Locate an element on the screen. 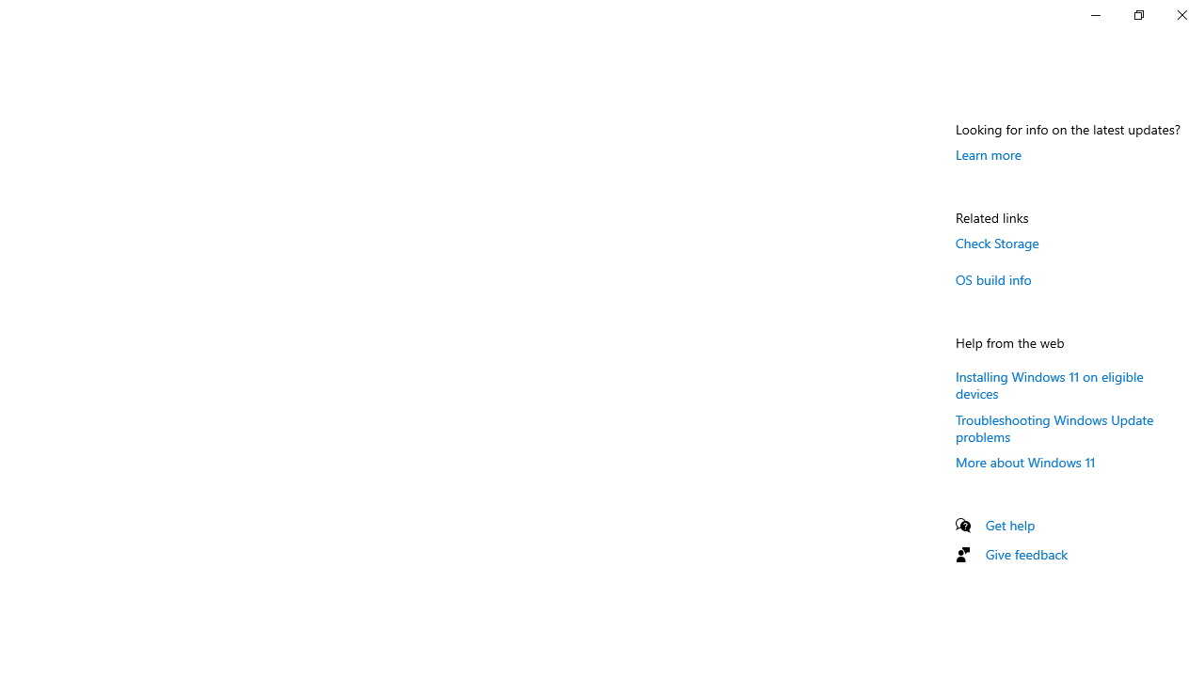  'Installing Windows 11 on eligible devices' is located at coordinates (1049, 383).